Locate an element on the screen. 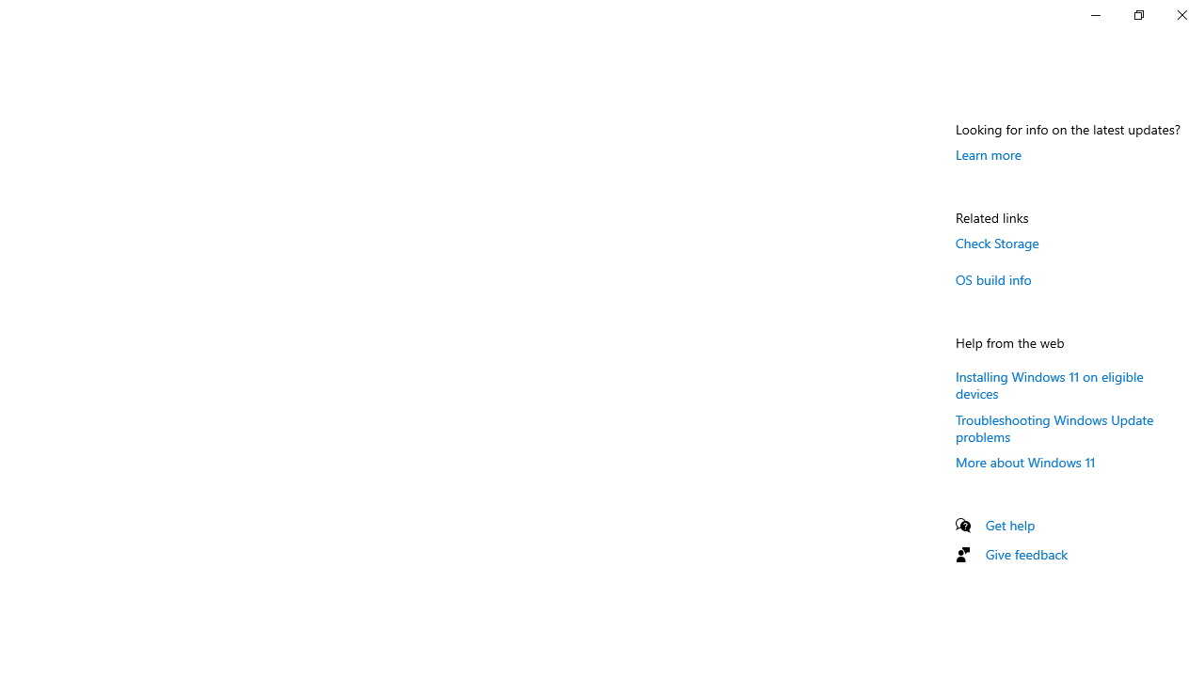  'Installing Windows 11 on eligible devices' is located at coordinates (1049, 383).